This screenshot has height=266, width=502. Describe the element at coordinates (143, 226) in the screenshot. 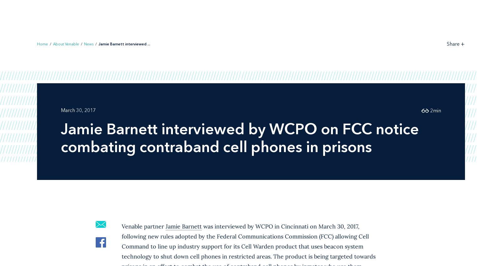

I see `'Venable partner'` at that location.